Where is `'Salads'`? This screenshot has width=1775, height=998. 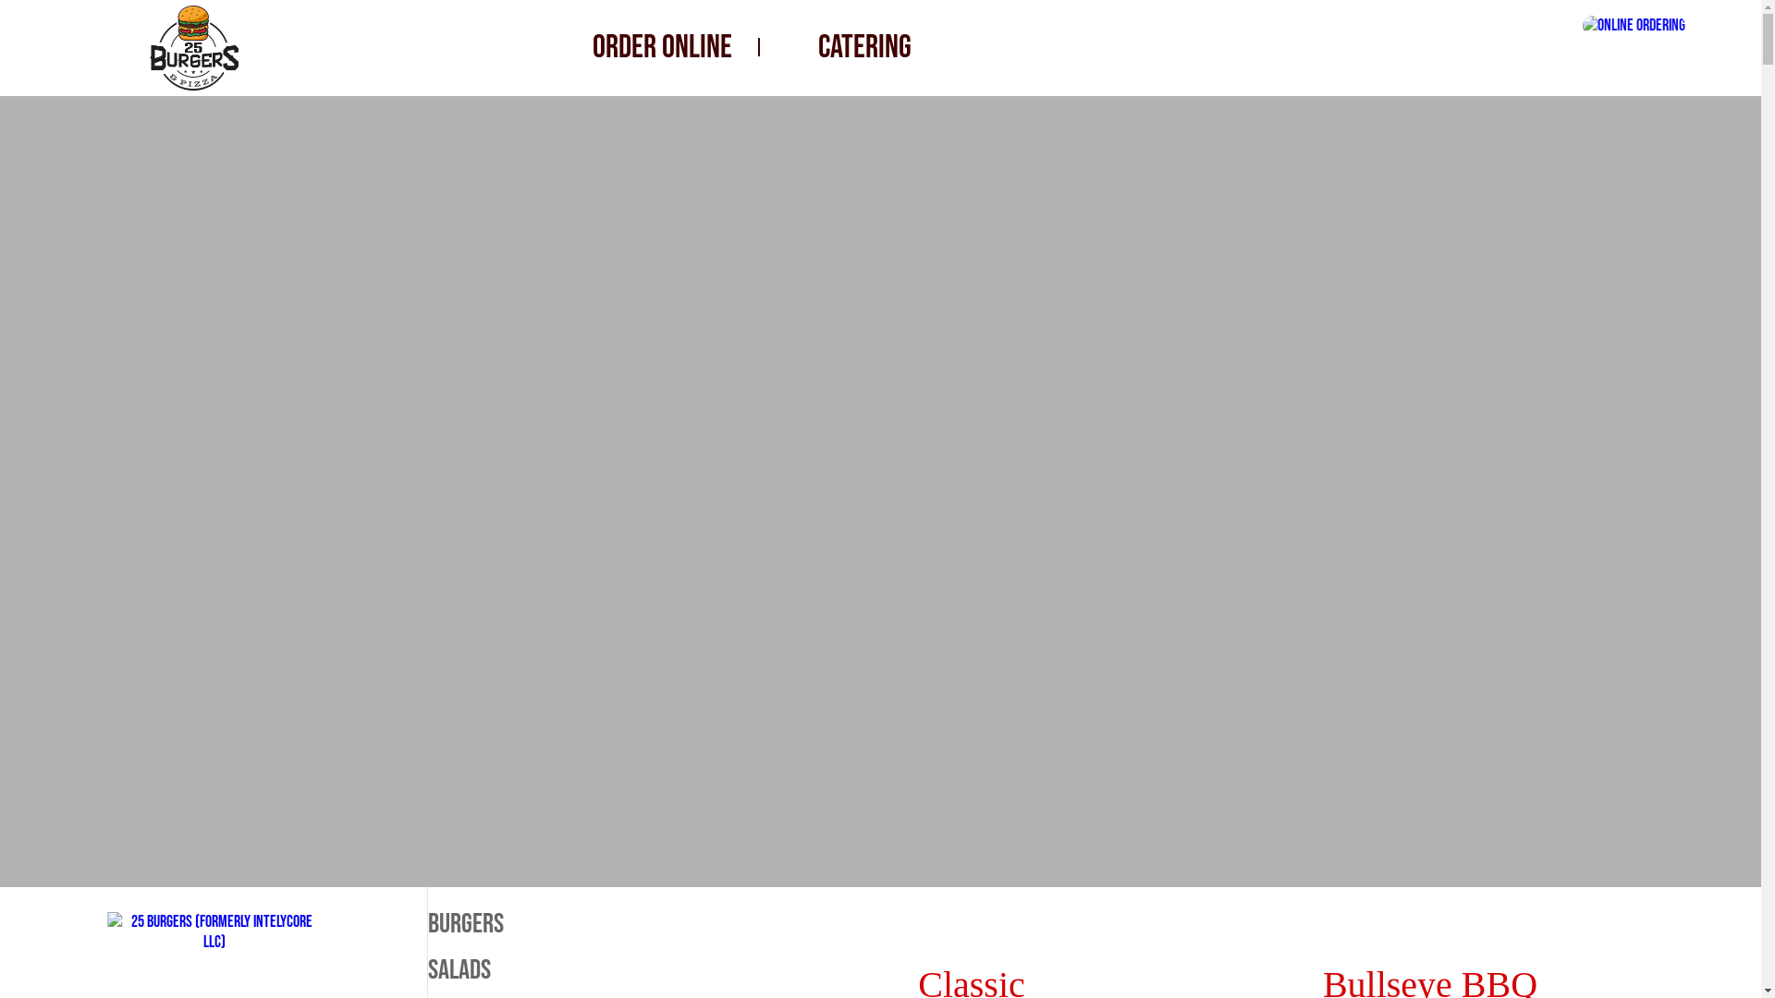
'Salads' is located at coordinates (532, 968).